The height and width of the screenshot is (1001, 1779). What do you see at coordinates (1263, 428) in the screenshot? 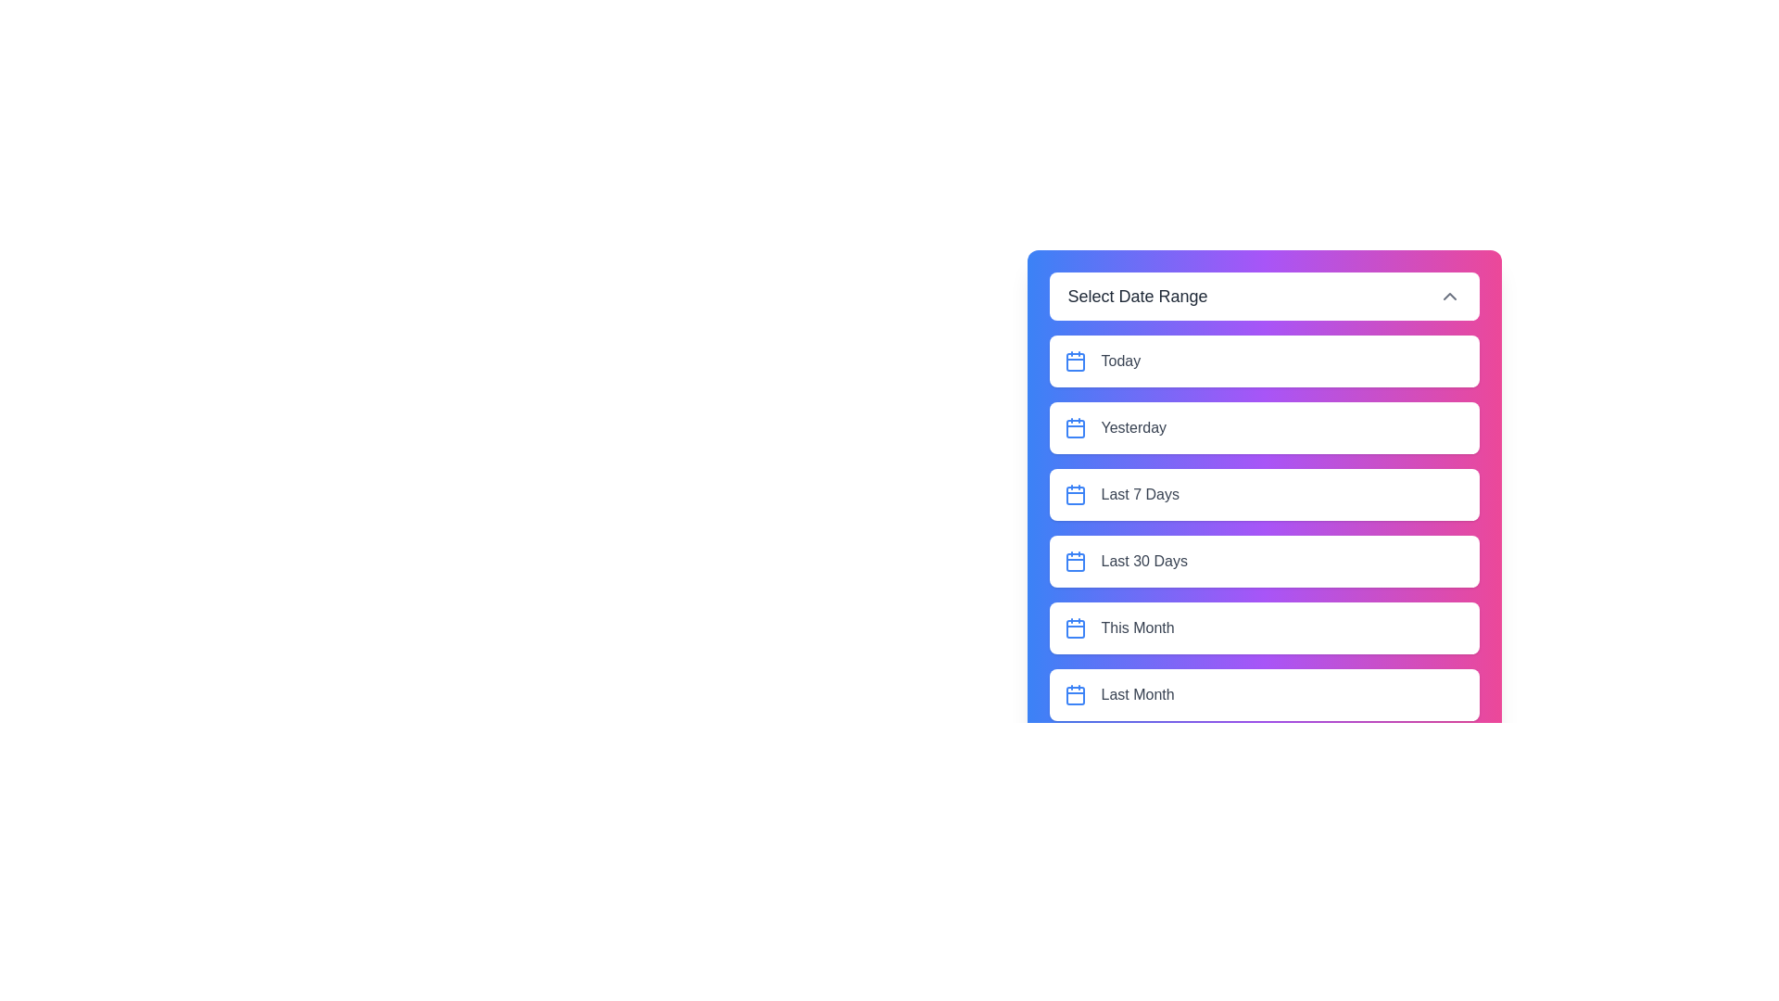
I see `the element Yesterday option to observe potential hover effects or tooltips` at bounding box center [1263, 428].